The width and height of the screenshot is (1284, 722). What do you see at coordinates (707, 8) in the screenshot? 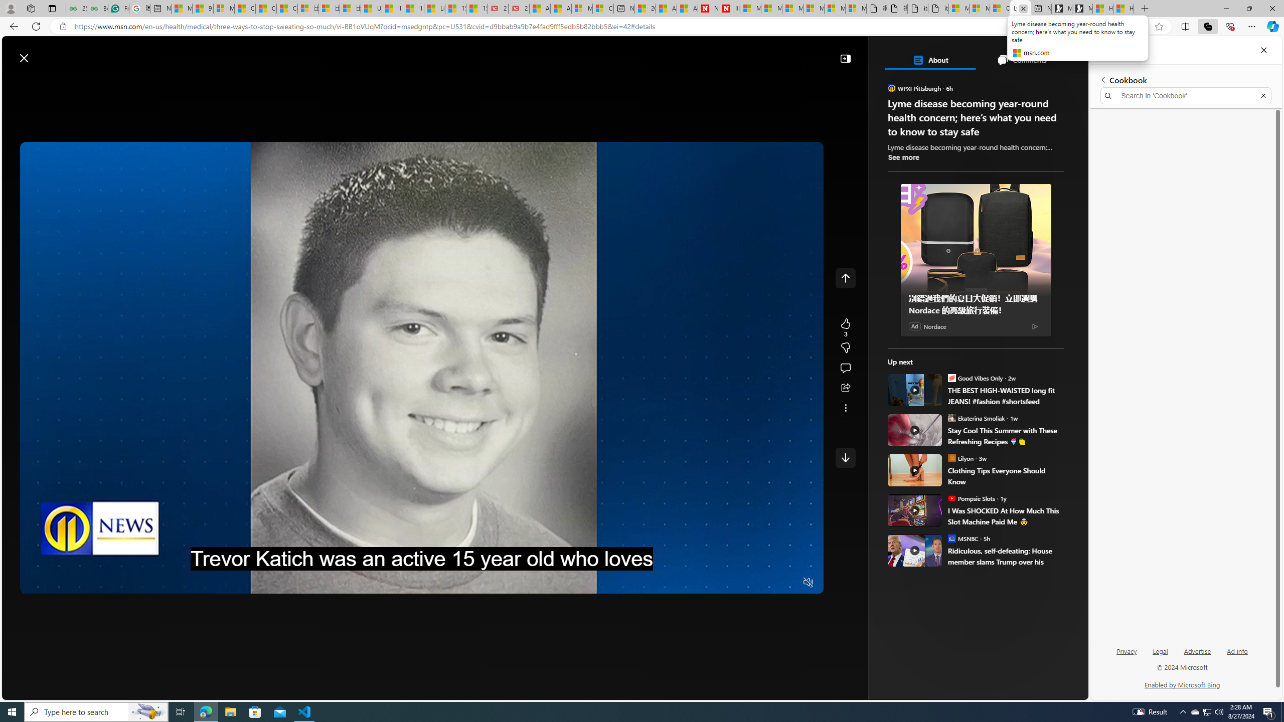
I see `'Newsweek - News, Analysis, Politics, Business, Technology'` at bounding box center [707, 8].